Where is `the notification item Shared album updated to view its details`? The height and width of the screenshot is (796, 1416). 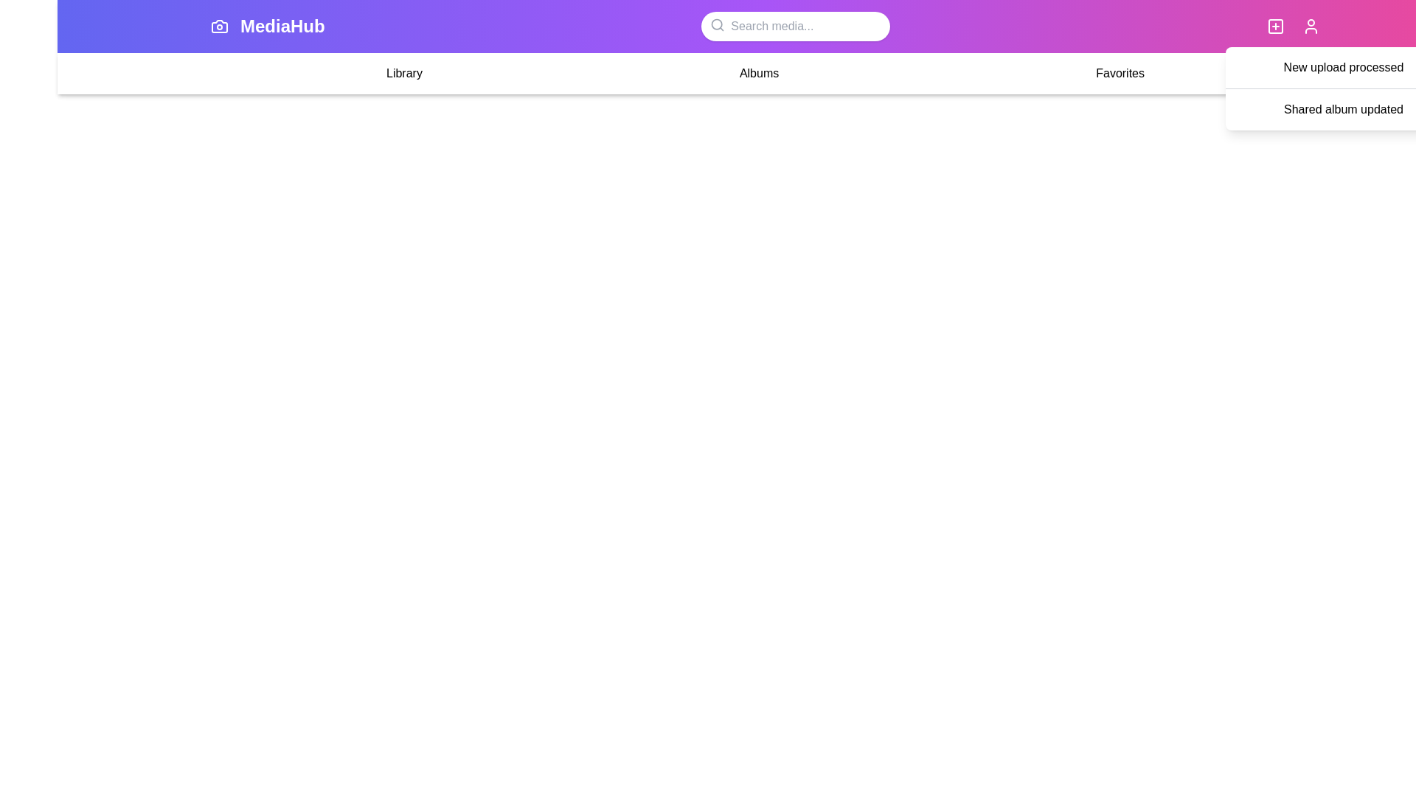 the notification item Shared album updated to view its details is located at coordinates (1344, 108).